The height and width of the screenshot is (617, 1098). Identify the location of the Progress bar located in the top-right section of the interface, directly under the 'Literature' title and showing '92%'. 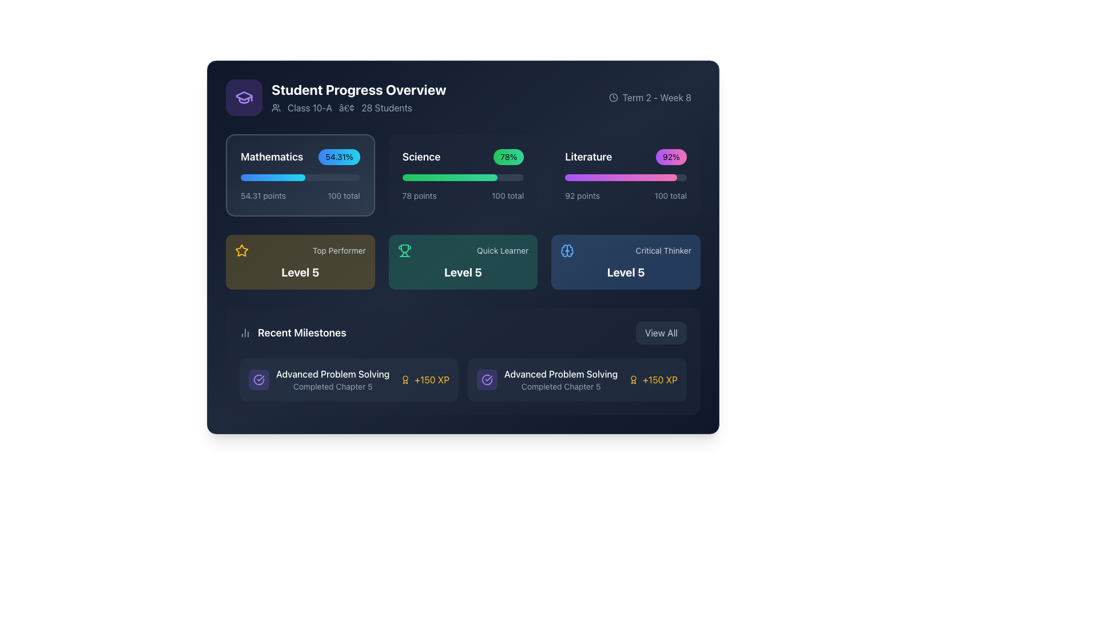
(620, 178).